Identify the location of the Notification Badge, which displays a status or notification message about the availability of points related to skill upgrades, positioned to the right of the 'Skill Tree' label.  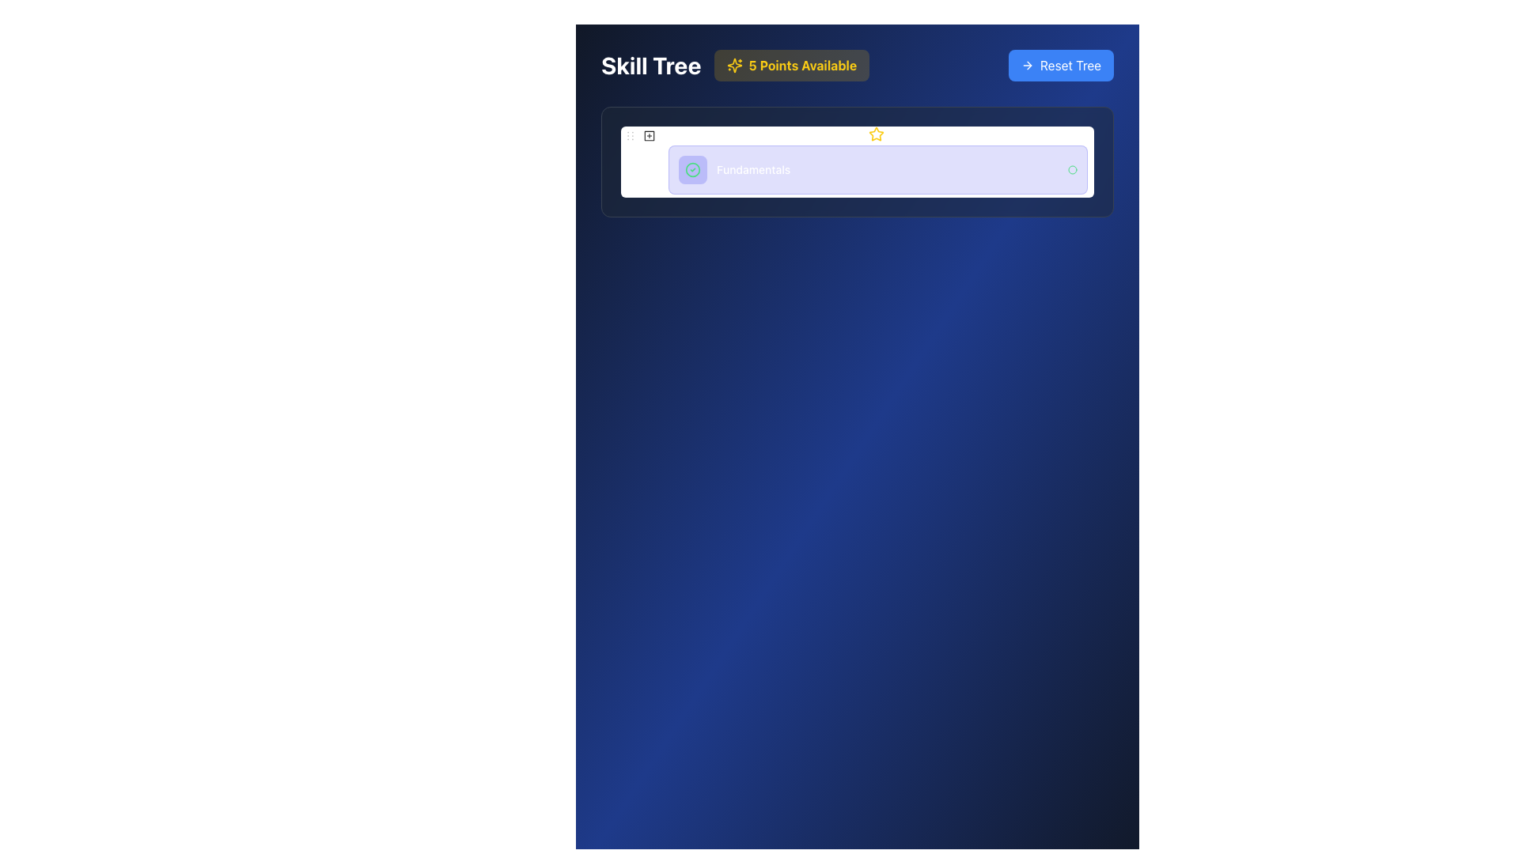
(791, 65).